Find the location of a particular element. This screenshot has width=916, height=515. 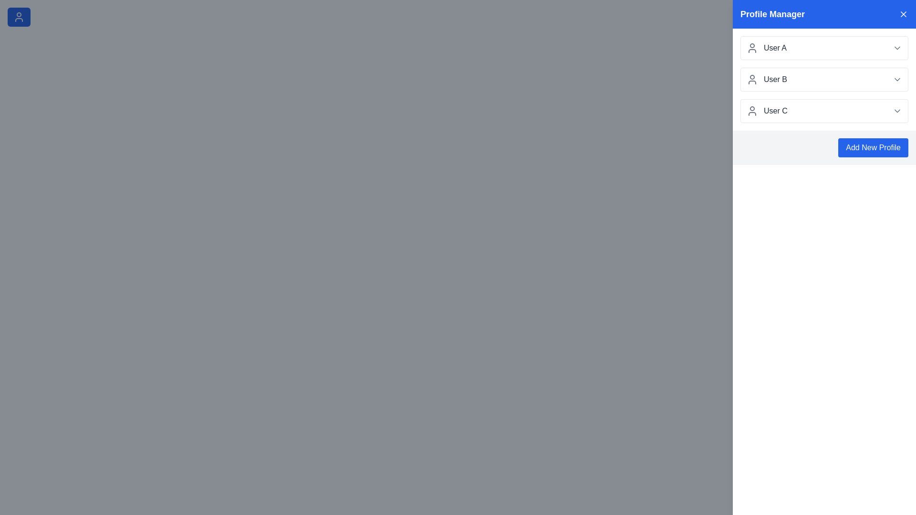

the blue 'Add New Profile' button with rounded corners to observe its visual hover effect is located at coordinates (873, 147).